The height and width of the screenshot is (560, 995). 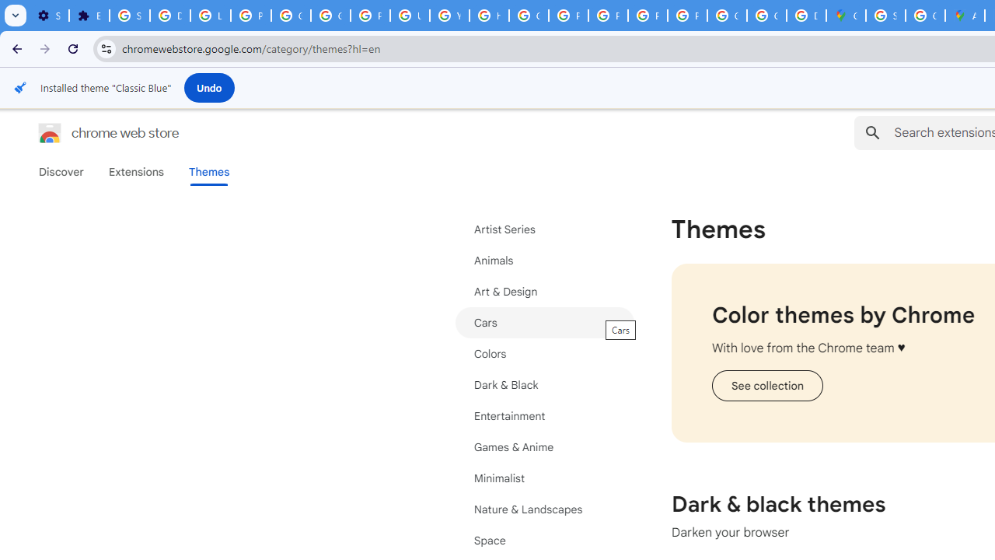 What do you see at coordinates (329, 16) in the screenshot?
I see `'Google Account Help'` at bounding box center [329, 16].